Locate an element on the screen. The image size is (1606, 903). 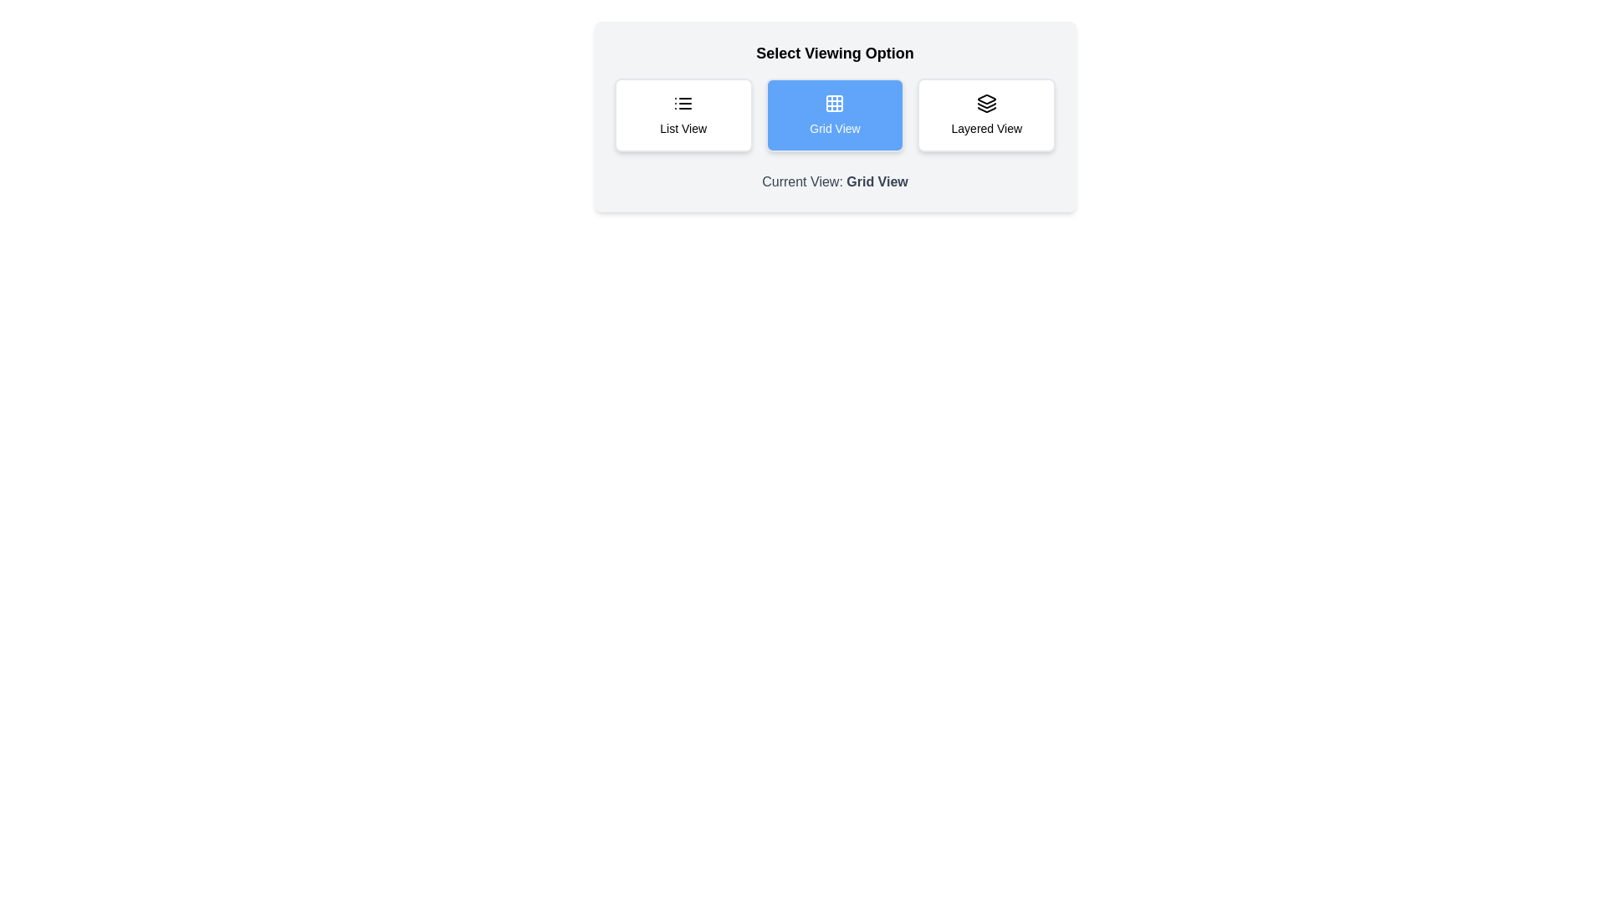
the 'Layered View' button, which is the rightmost button in a group of three buttons labeled 'List View', 'Grid View', and 'Layered View' is located at coordinates (986, 115).